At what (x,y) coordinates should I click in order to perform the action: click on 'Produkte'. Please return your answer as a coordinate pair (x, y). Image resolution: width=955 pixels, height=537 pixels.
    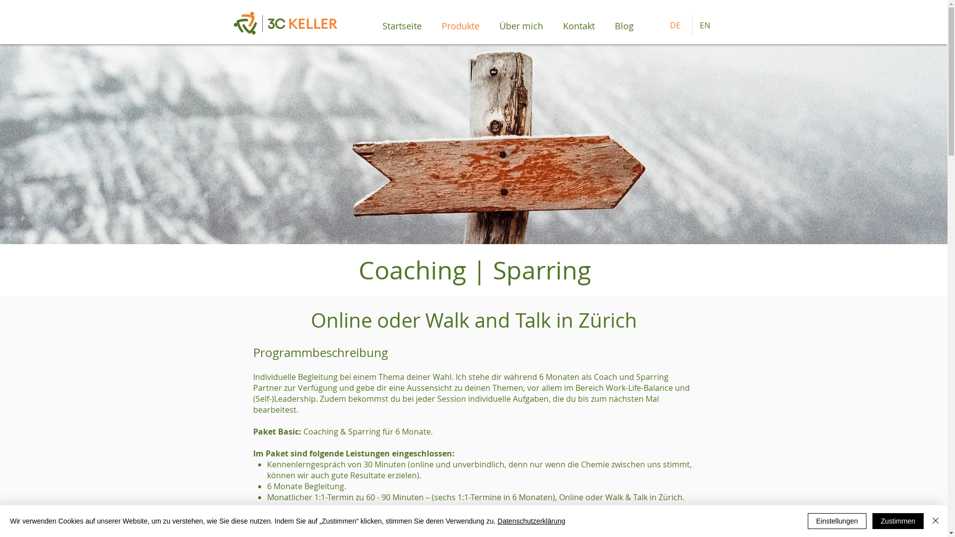
    Looking at the image, I should click on (460, 25).